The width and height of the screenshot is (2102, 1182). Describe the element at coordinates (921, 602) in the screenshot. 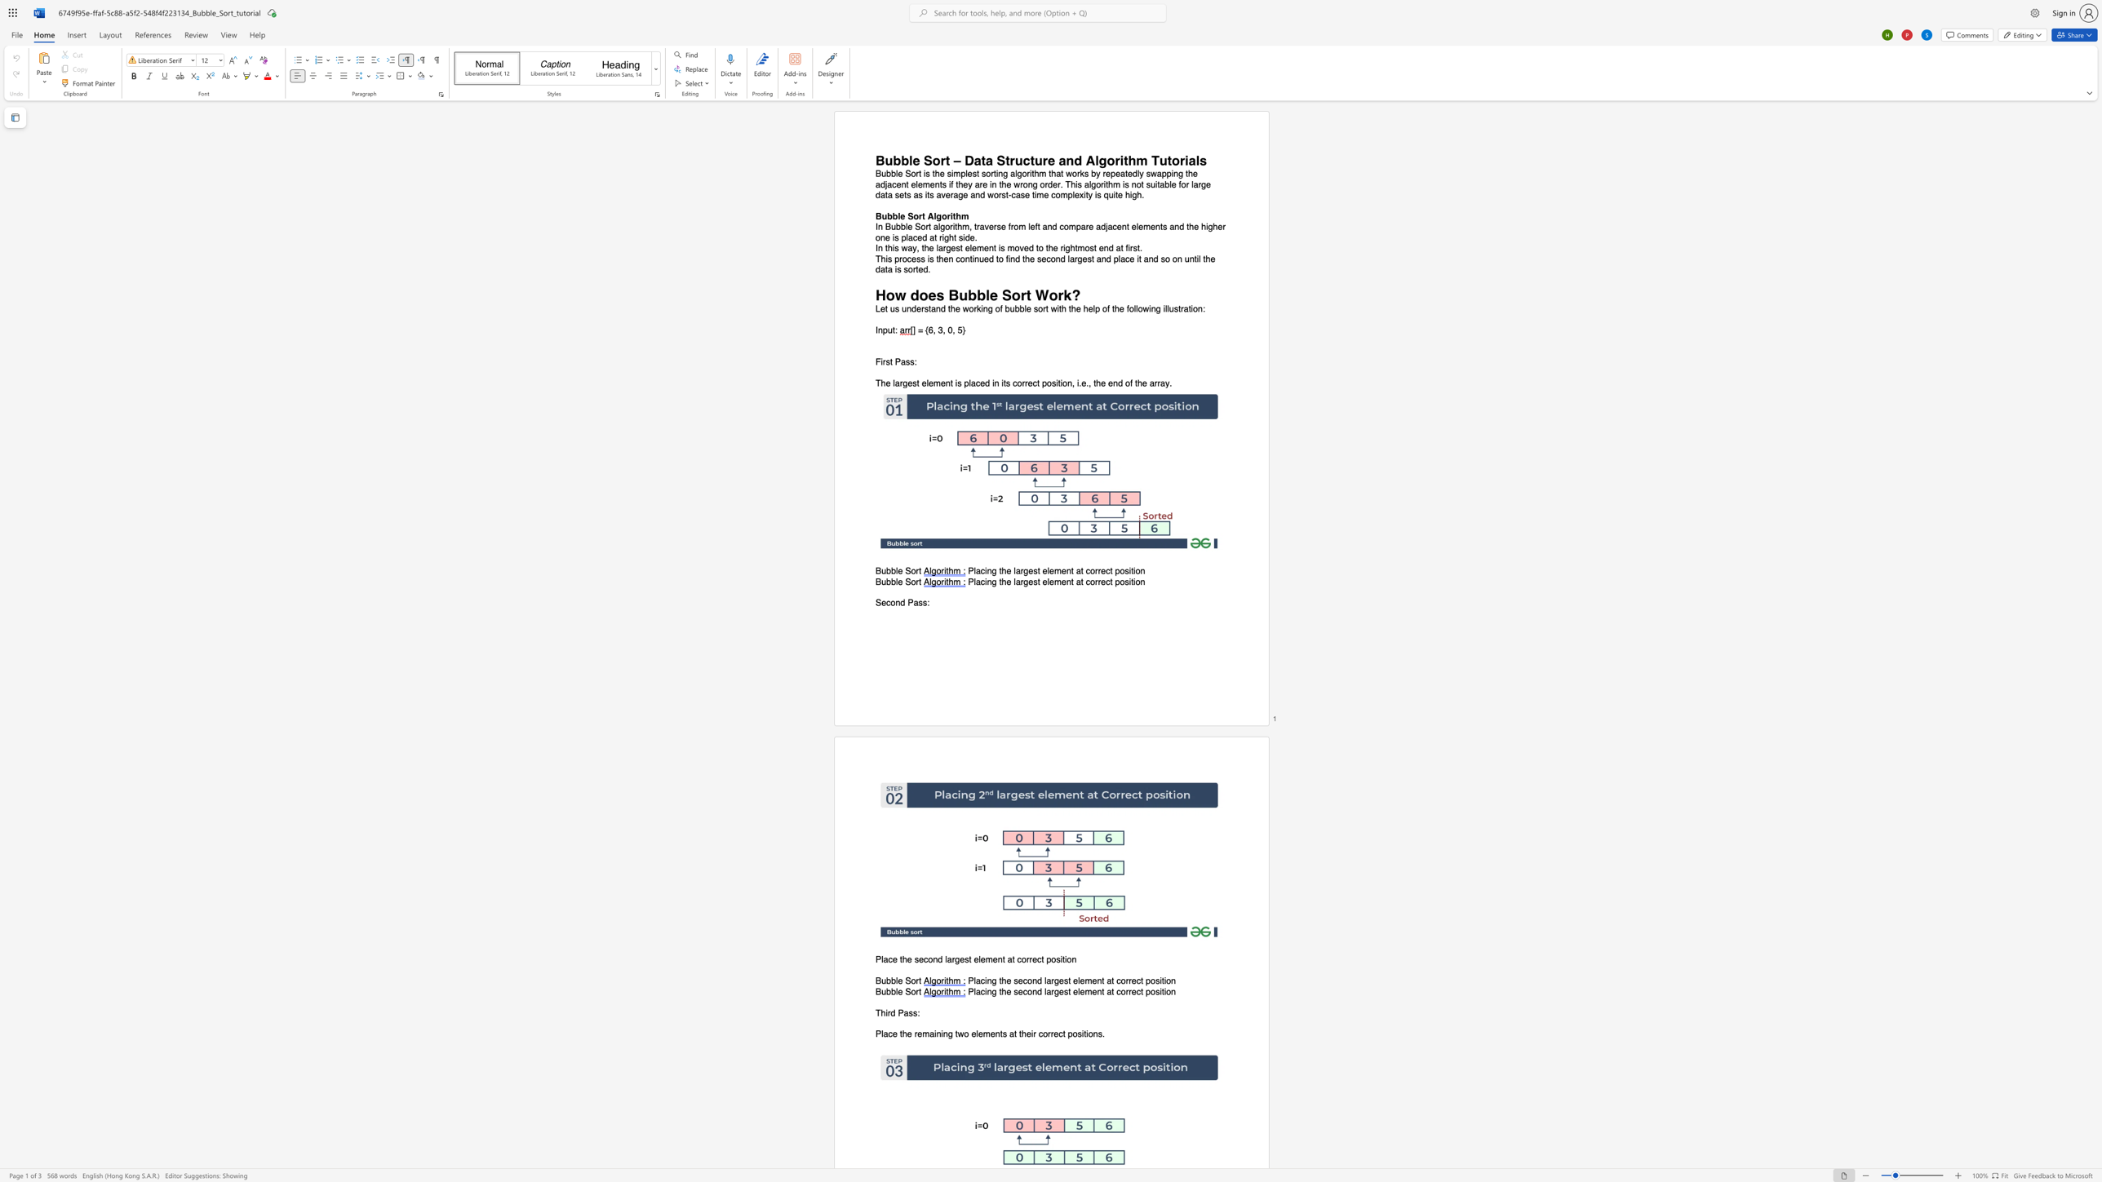

I see `the space between the continuous character "s" and "s" in the text` at that location.